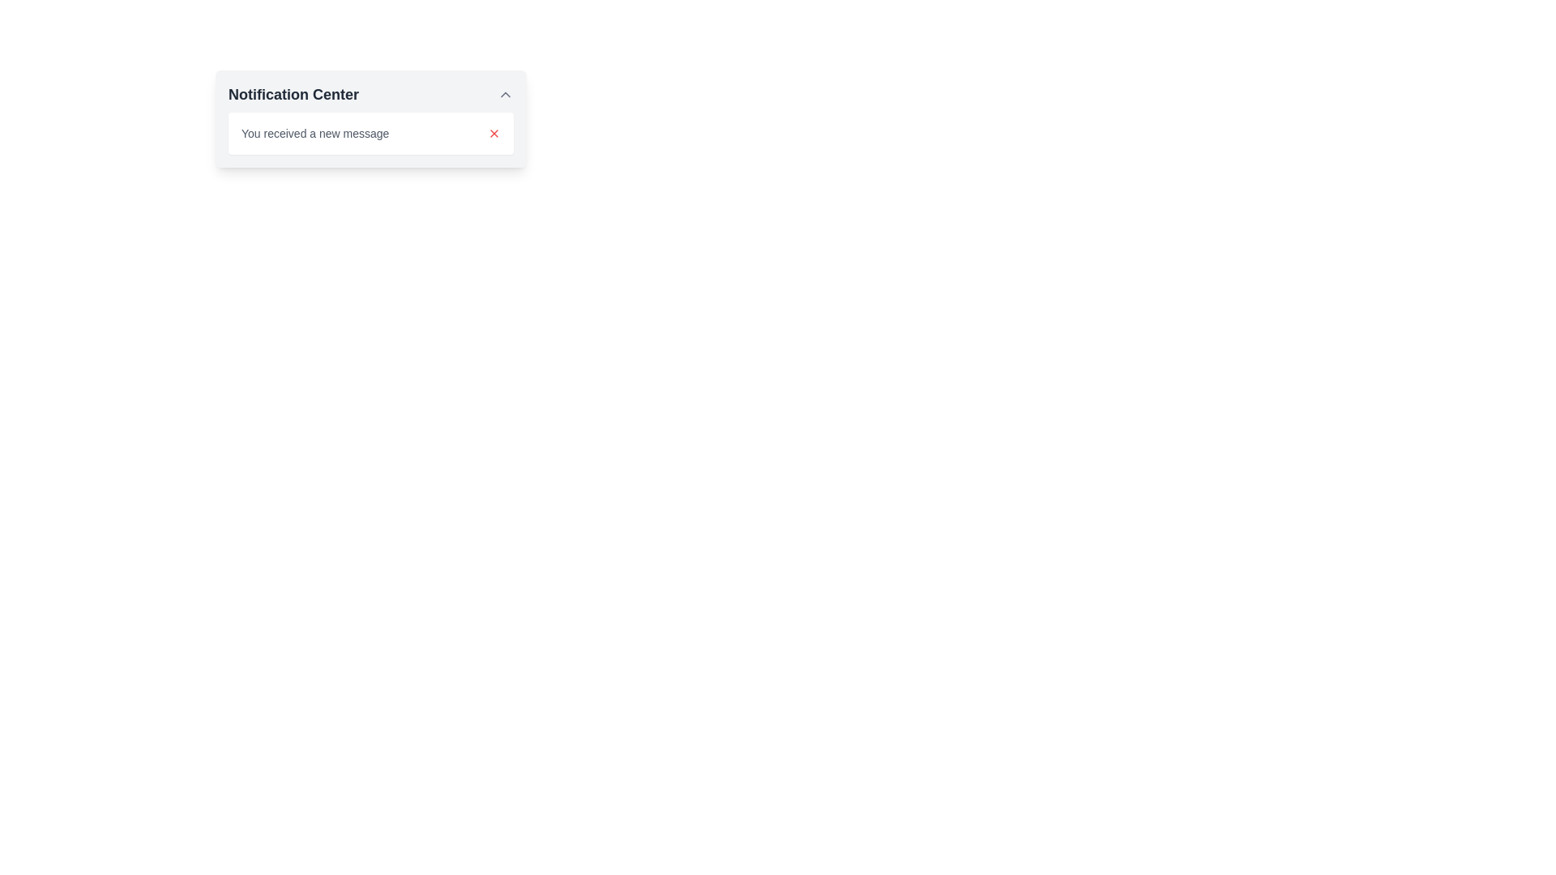 This screenshot has height=875, width=1556. Describe the element at coordinates (505, 94) in the screenshot. I see `the upward-pointing chevron icon button with the 'lucide-chevron-up' class located in the upper-right corner of the 'Notification Center' header to minimize or collapse the section` at that location.